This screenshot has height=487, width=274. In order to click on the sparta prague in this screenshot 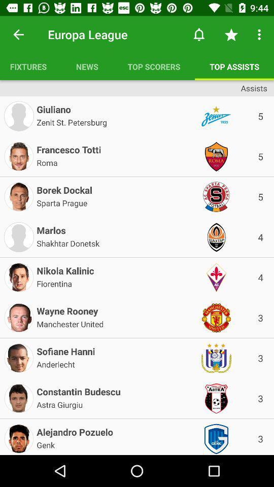, I will do `click(62, 201)`.